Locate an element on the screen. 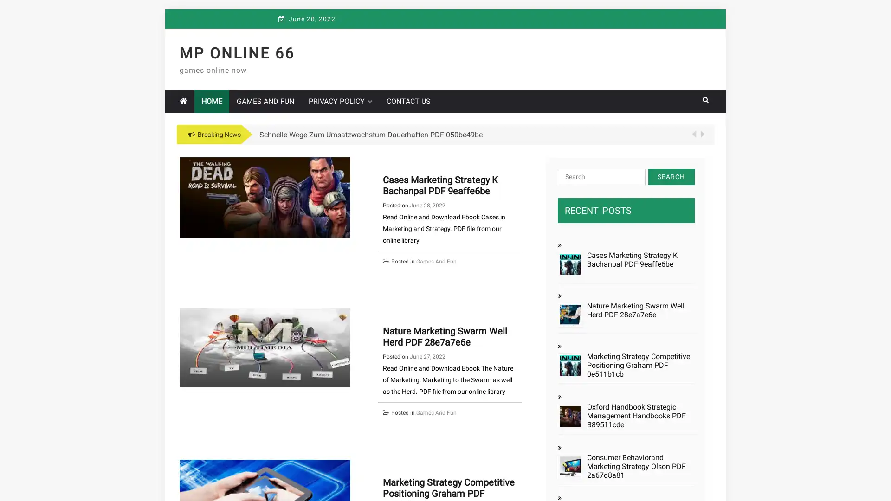  Search is located at coordinates (671, 176).